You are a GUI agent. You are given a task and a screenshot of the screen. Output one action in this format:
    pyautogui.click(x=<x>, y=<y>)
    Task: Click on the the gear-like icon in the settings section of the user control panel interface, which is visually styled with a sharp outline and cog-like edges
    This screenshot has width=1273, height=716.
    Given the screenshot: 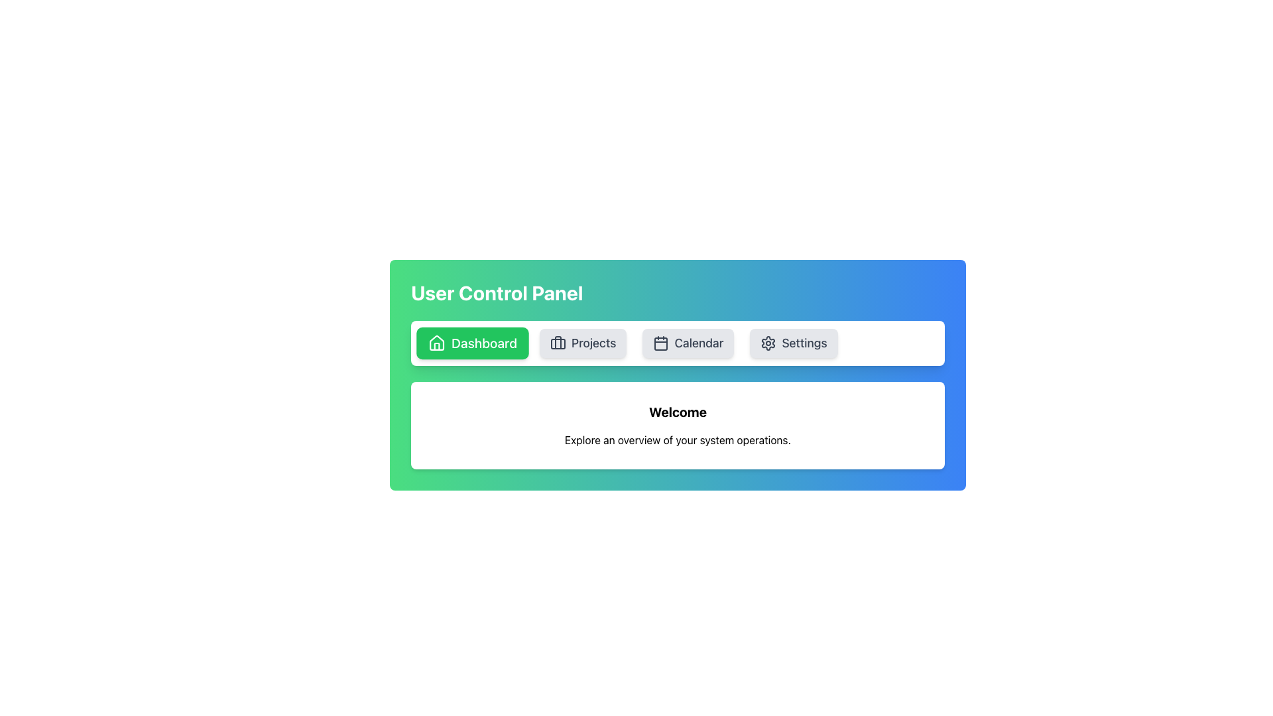 What is the action you would take?
    pyautogui.click(x=768, y=342)
    